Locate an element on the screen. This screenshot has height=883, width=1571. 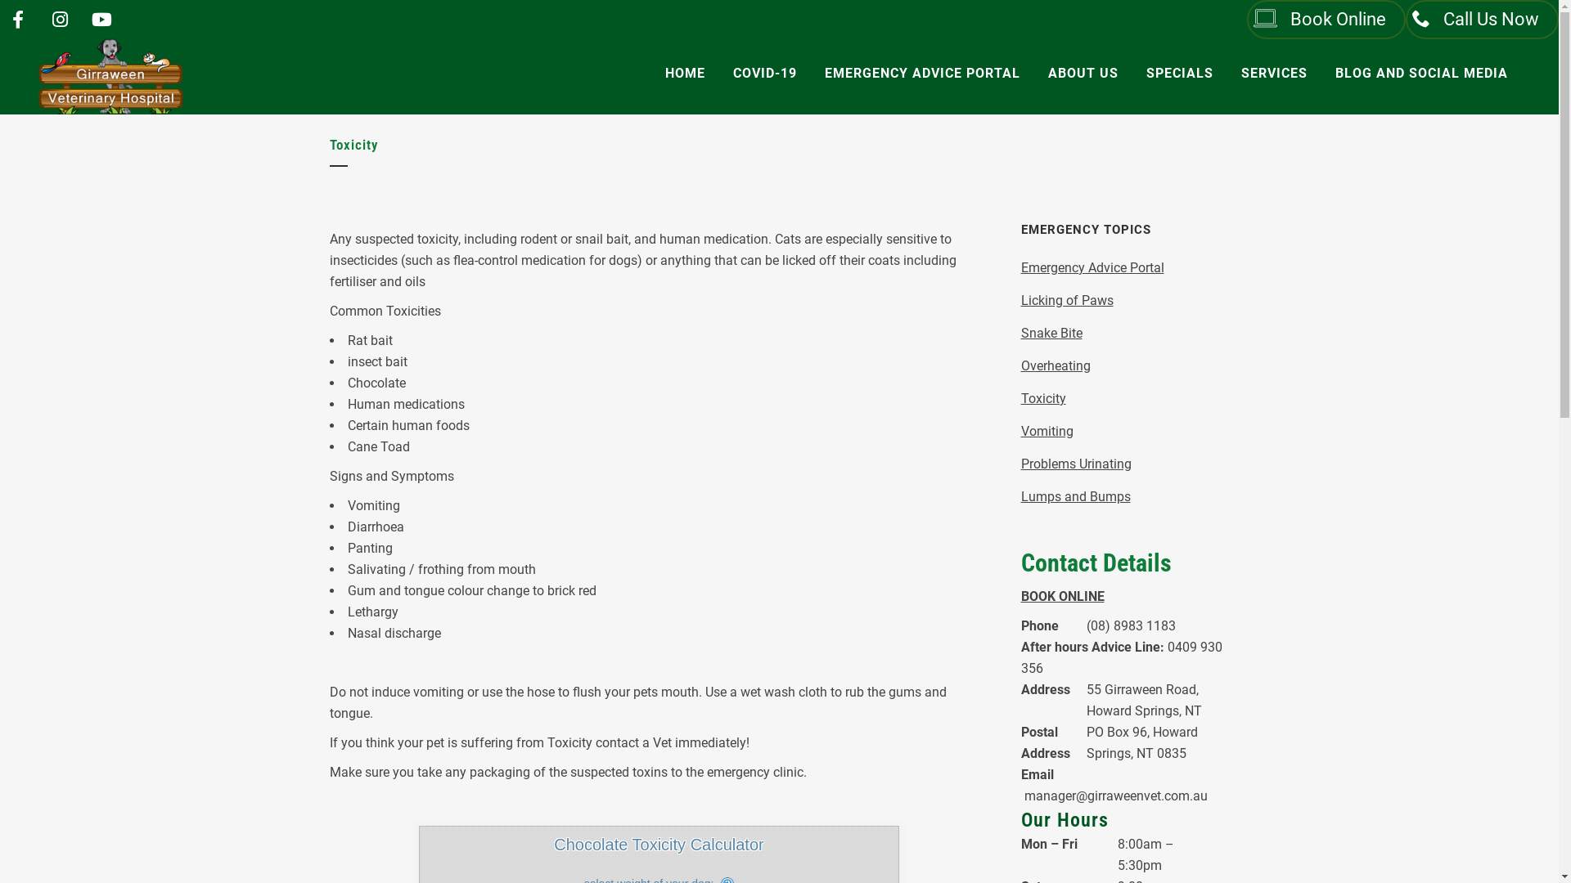
'Problems Urinating' is located at coordinates (1020, 464).